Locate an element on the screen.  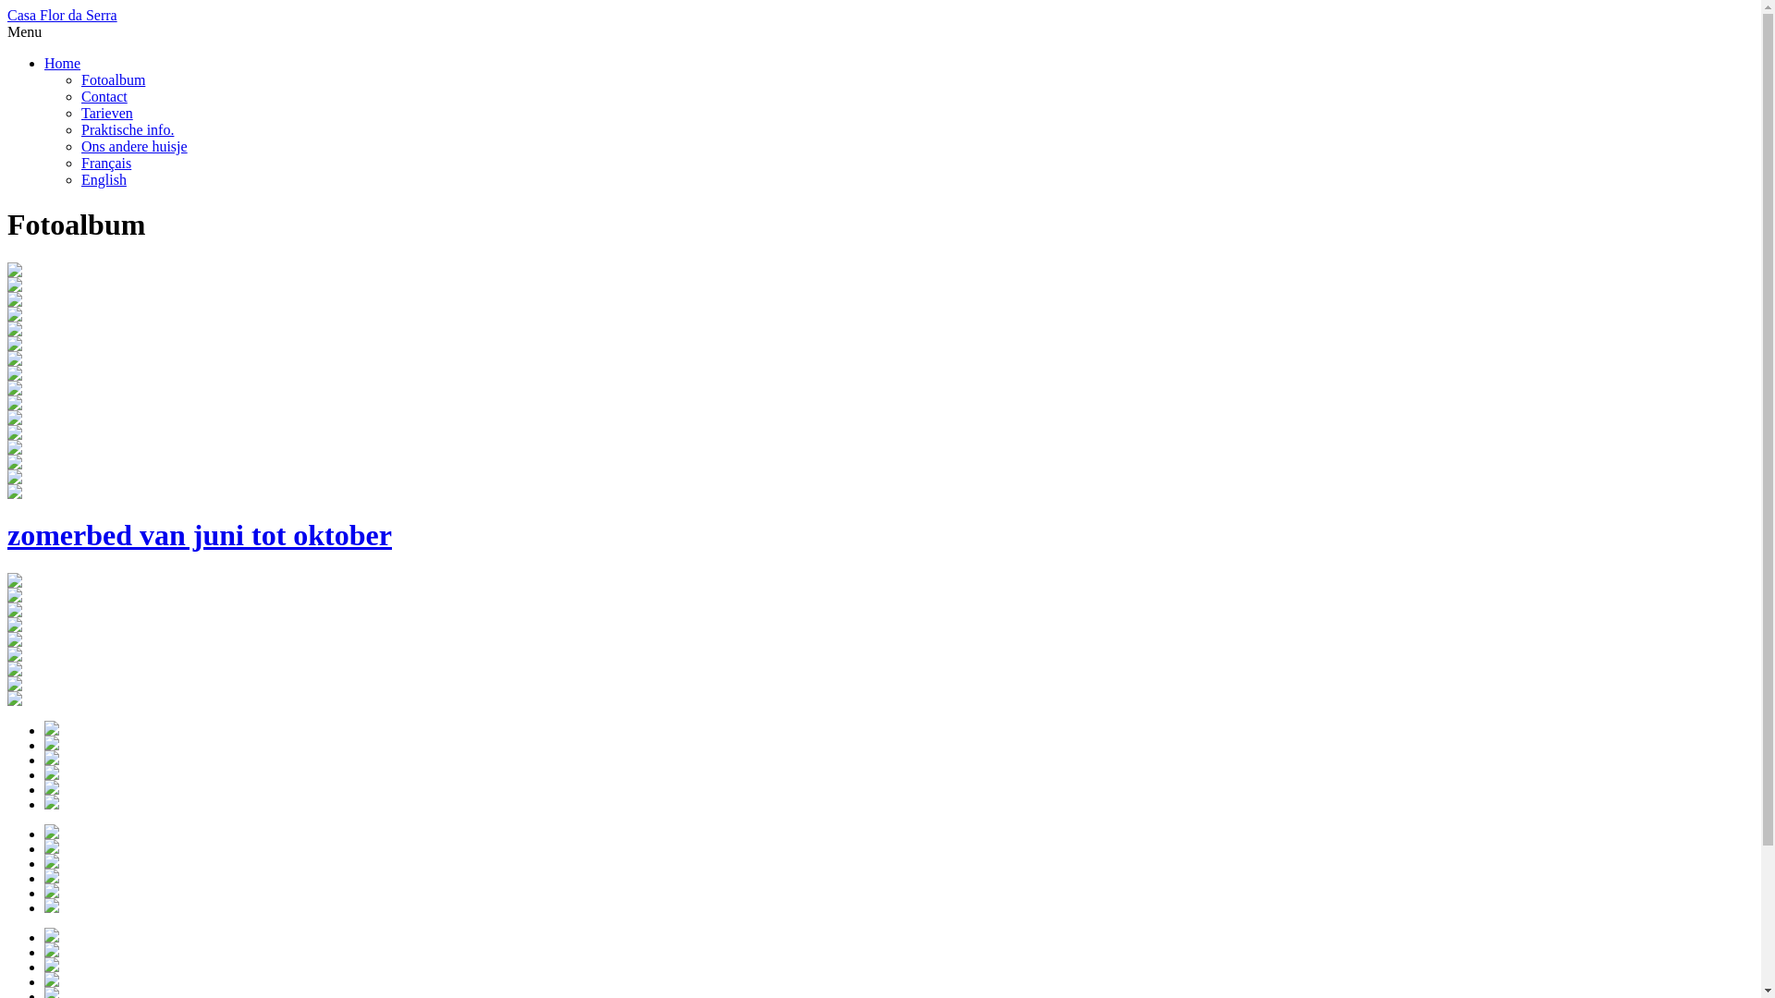
'Menu' is located at coordinates (24, 31).